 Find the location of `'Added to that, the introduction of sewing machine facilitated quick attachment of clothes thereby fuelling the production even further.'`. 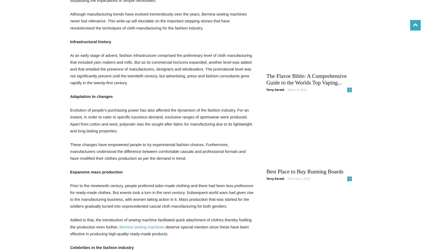

'Added to that, the introduction of sewing machine facilitated quick attachment of clothes thereby fuelling the production even further.' is located at coordinates (161, 223).